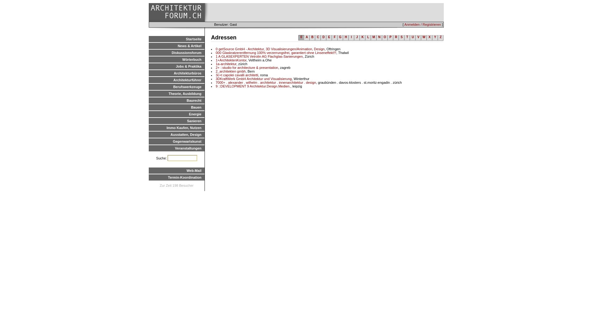  What do you see at coordinates (176, 107) in the screenshot?
I see `'Bauen'` at bounding box center [176, 107].